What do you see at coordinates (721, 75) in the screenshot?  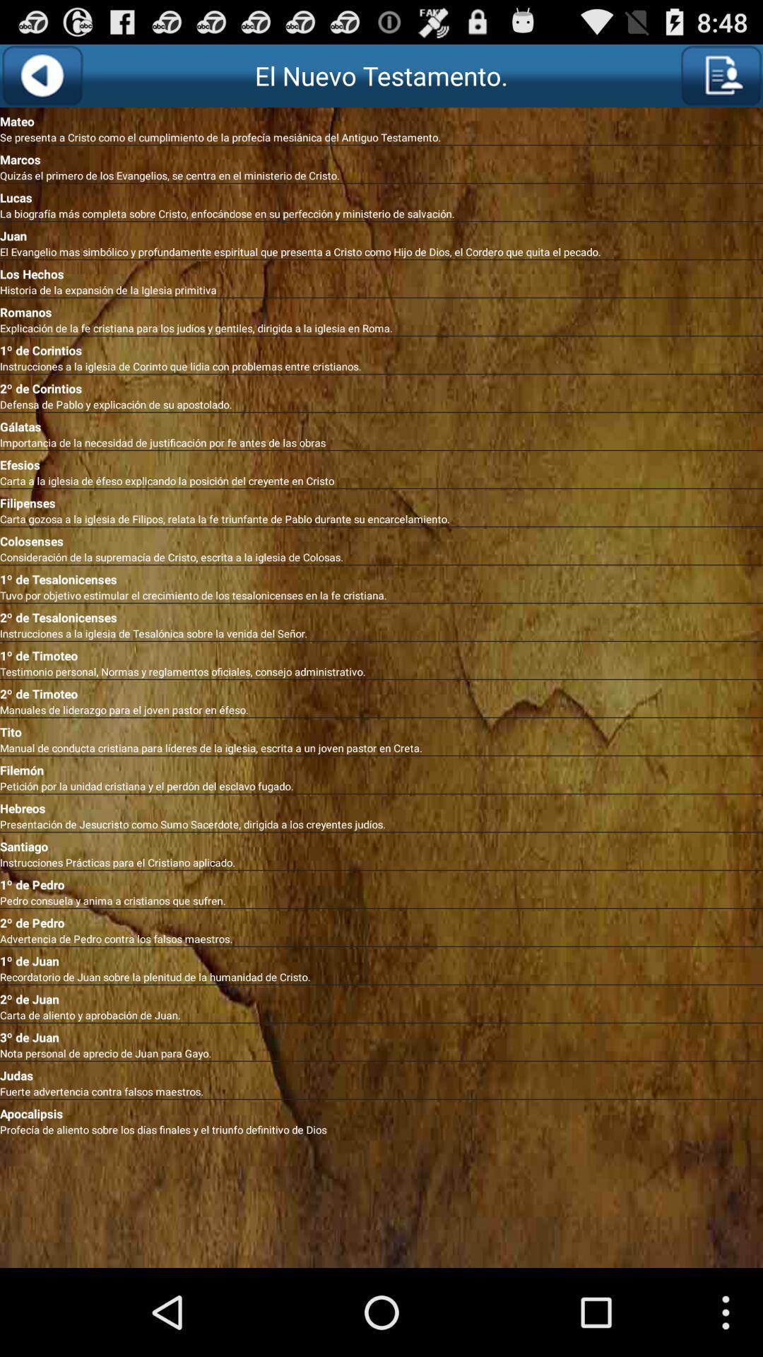 I see `the icon to the right of el nuevo testamento. app` at bounding box center [721, 75].